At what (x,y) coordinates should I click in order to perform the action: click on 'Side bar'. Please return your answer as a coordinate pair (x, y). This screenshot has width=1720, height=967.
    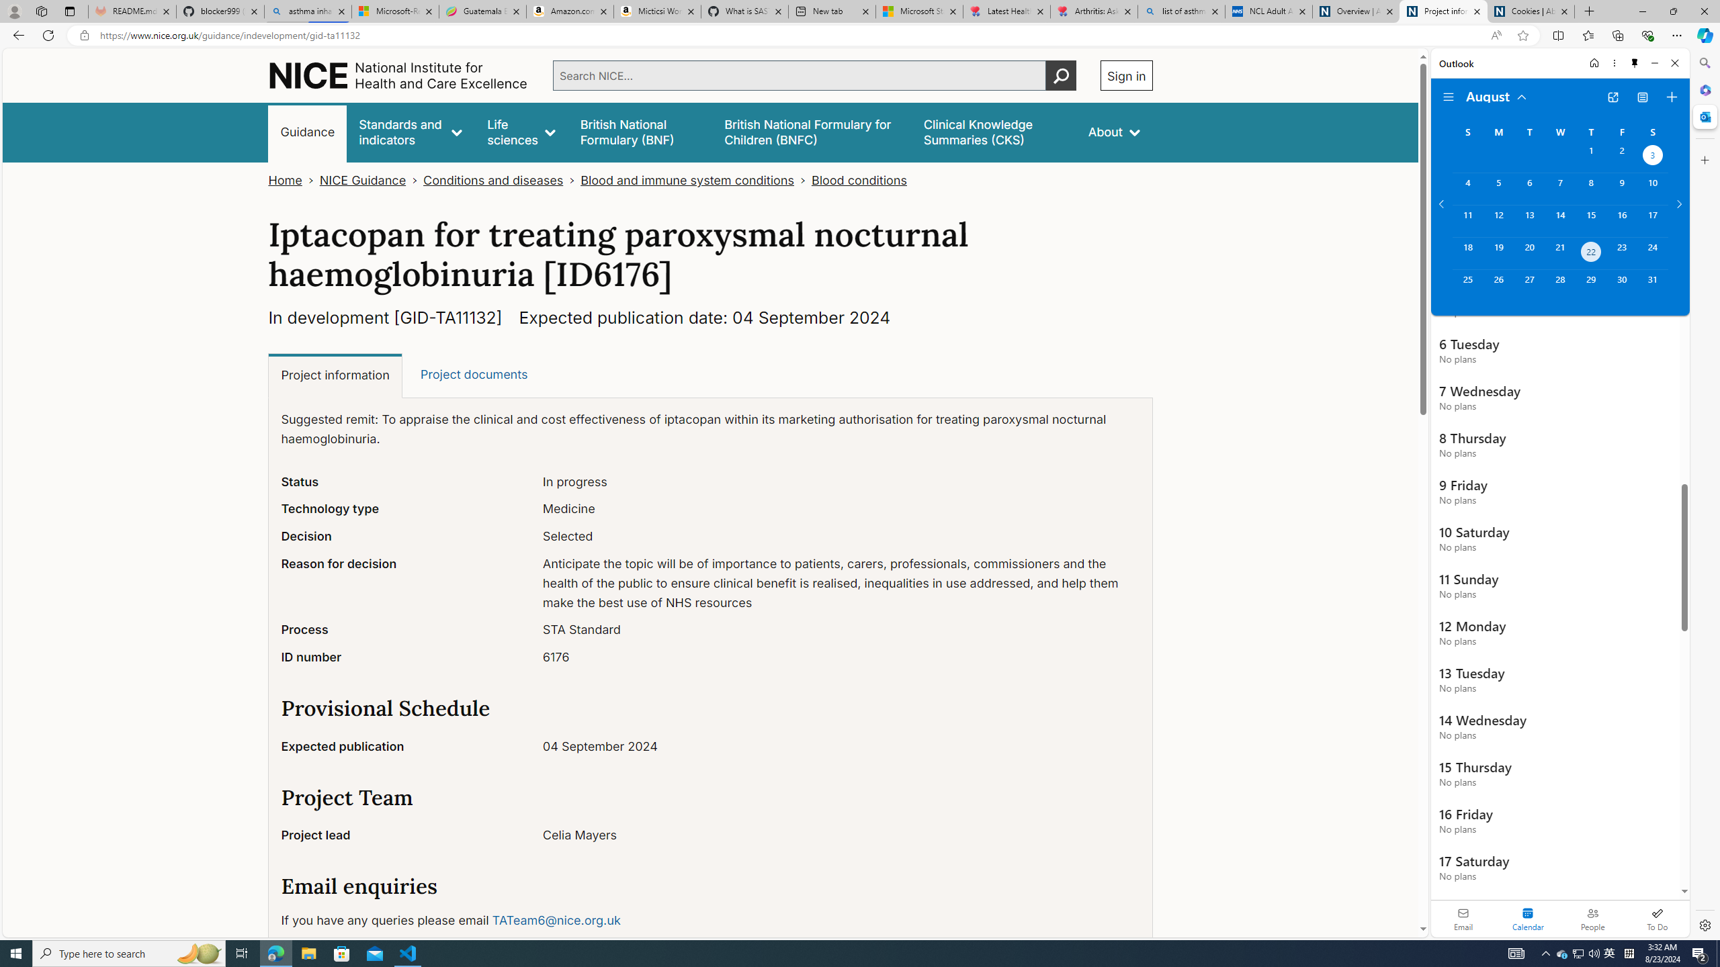
    Looking at the image, I should click on (1705, 494).